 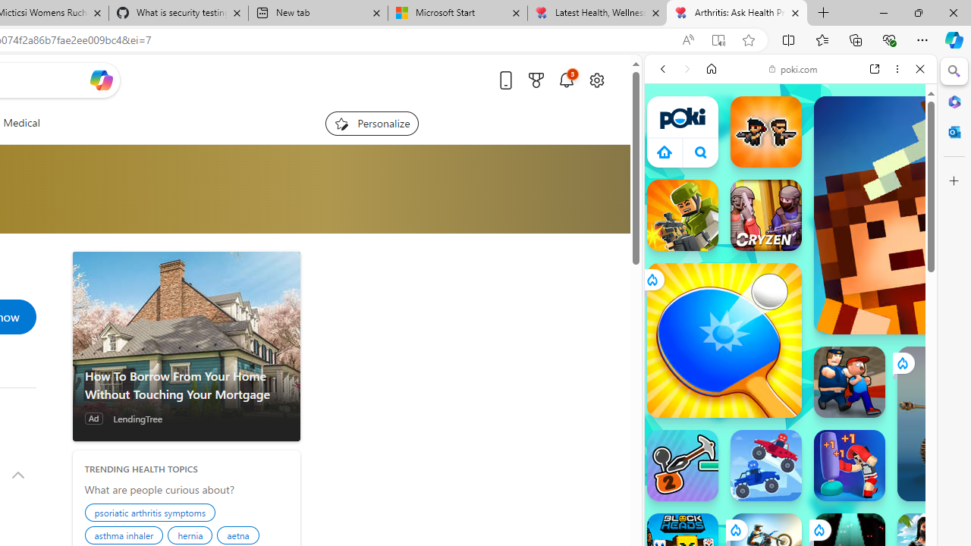 I want to click on 'Punch Legend Simulator', so click(x=850, y=465).